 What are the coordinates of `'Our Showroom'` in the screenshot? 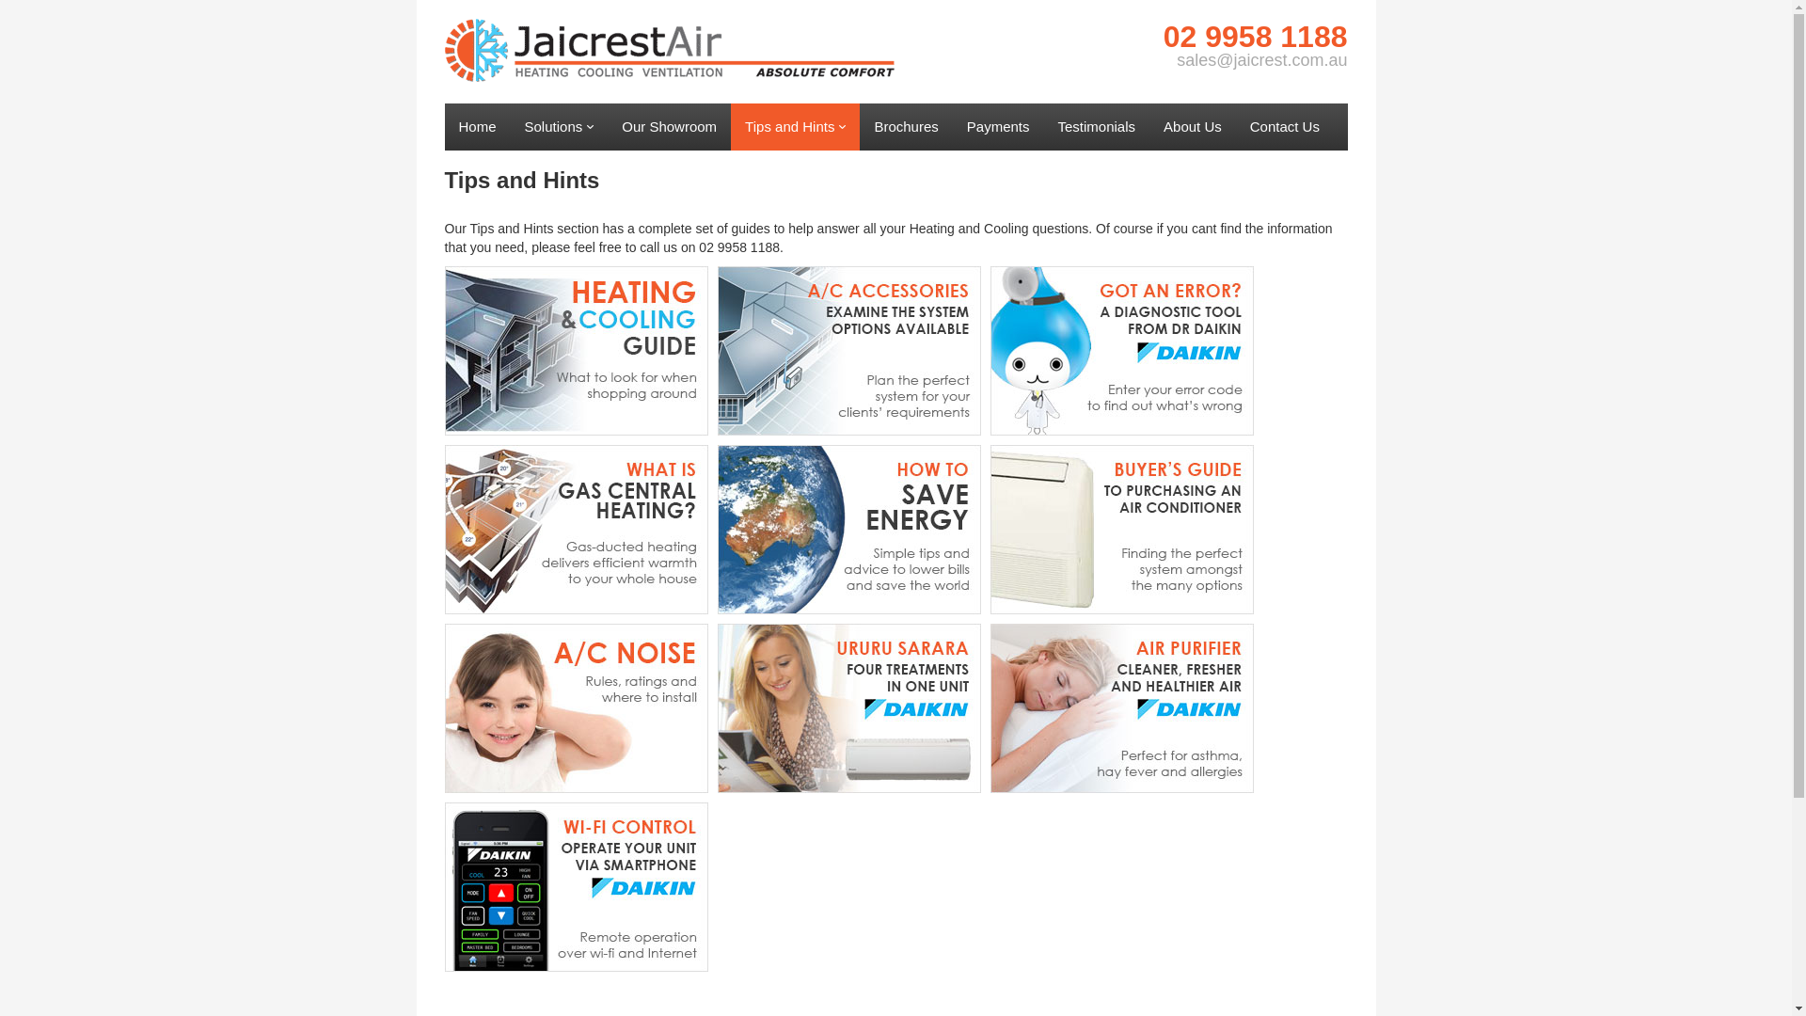 It's located at (669, 127).